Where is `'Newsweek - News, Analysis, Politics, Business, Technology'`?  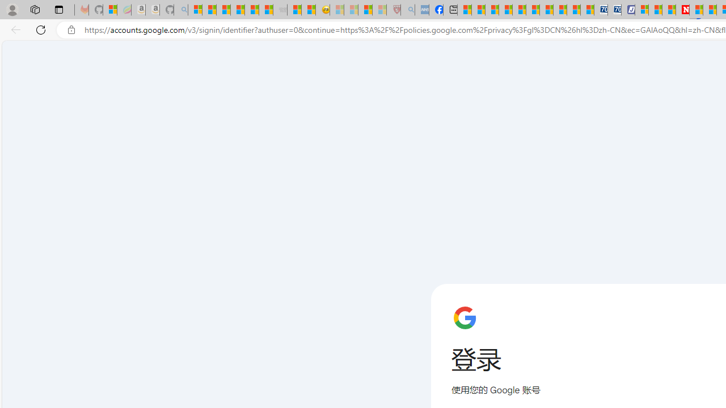 'Newsweek - News, Analysis, Politics, Business, Technology' is located at coordinates (682, 10).